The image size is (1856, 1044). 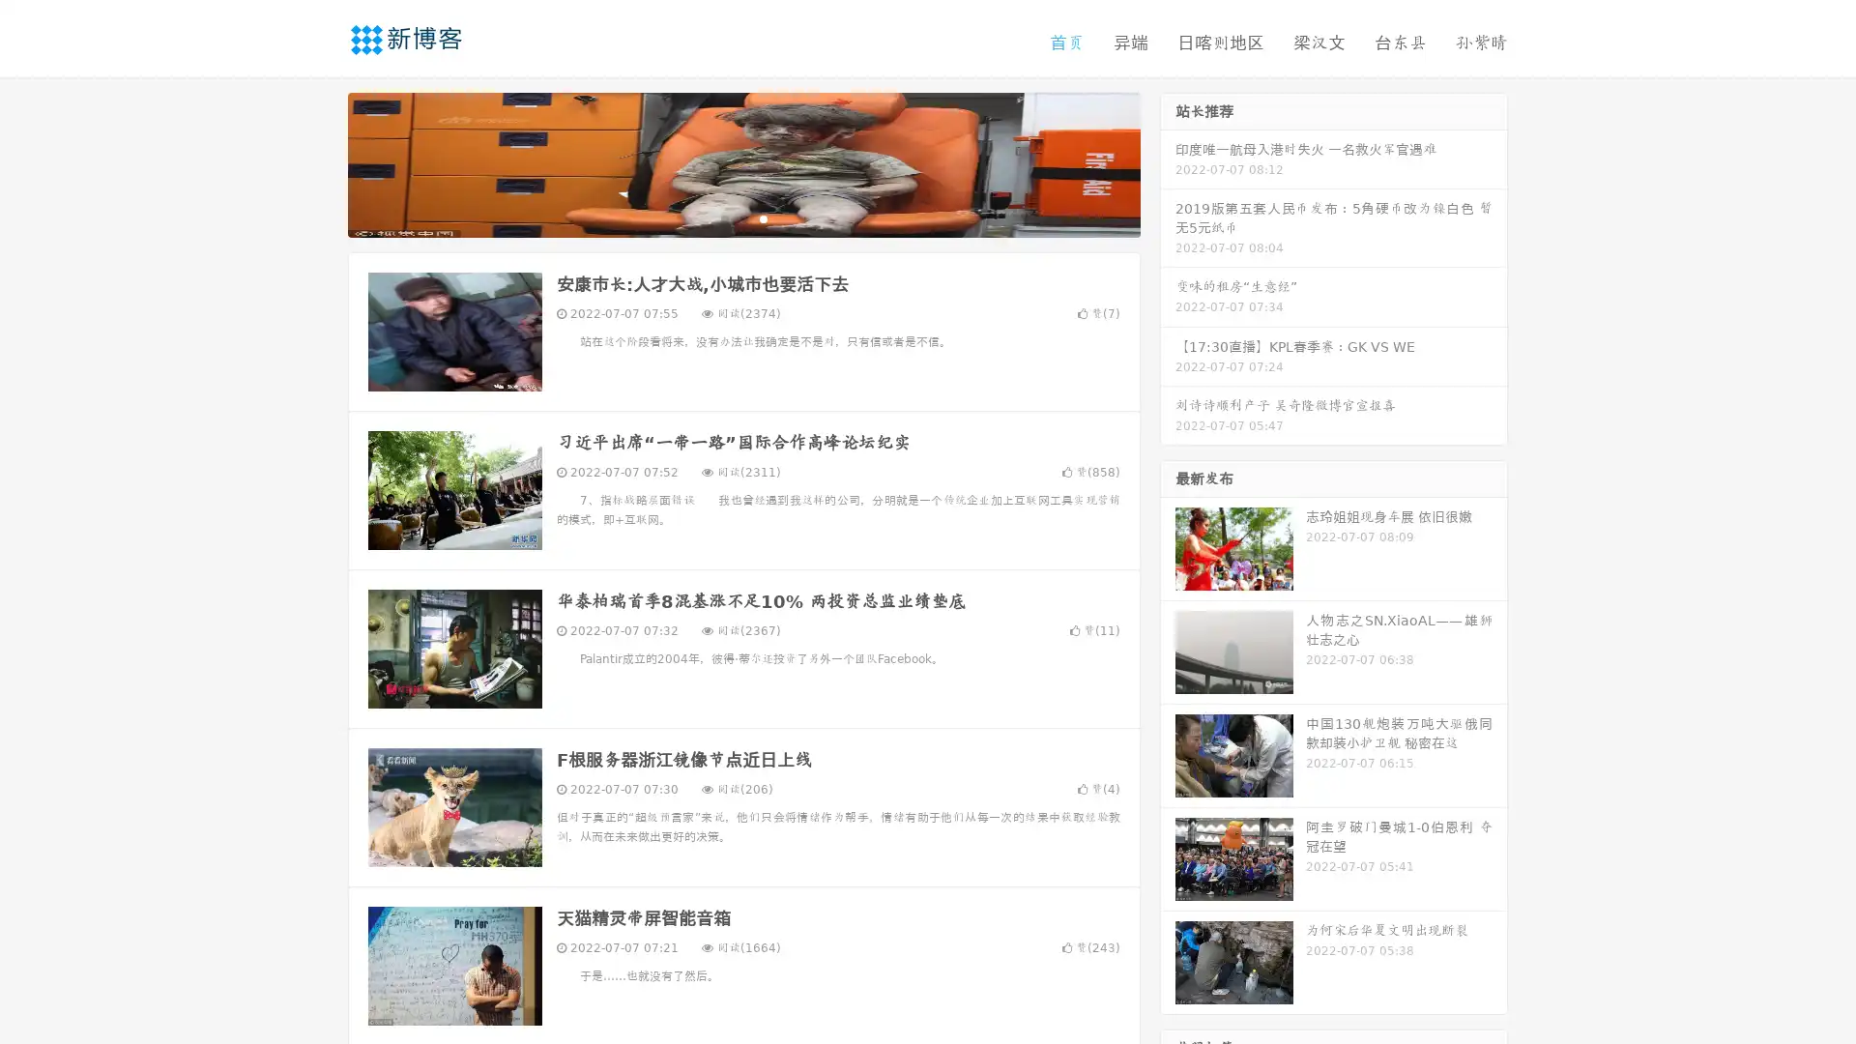 I want to click on Go to slide 3, so click(x=763, y=217).